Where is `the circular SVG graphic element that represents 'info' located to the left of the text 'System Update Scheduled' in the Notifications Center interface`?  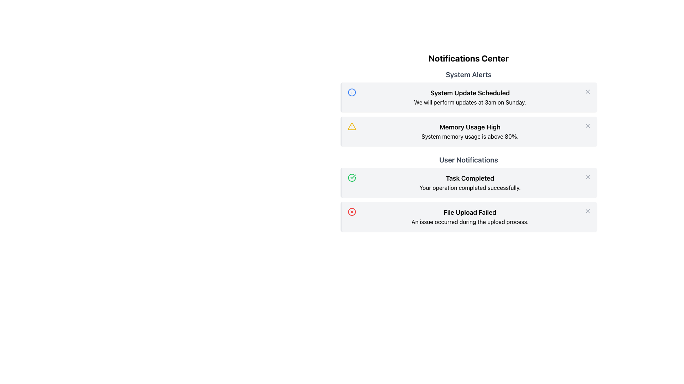 the circular SVG graphic element that represents 'info' located to the left of the text 'System Update Scheduled' in the Notifications Center interface is located at coordinates (352, 92).